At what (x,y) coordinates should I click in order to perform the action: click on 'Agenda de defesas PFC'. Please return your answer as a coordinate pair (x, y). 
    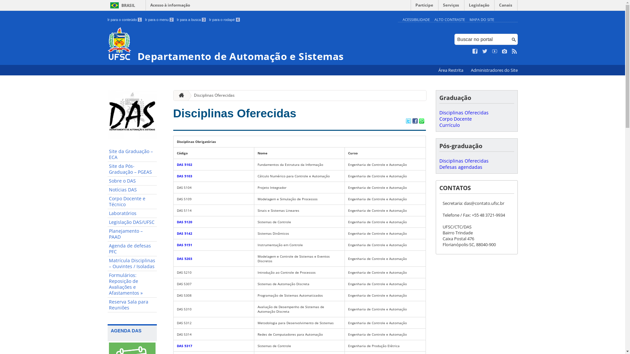
    Looking at the image, I should click on (107, 249).